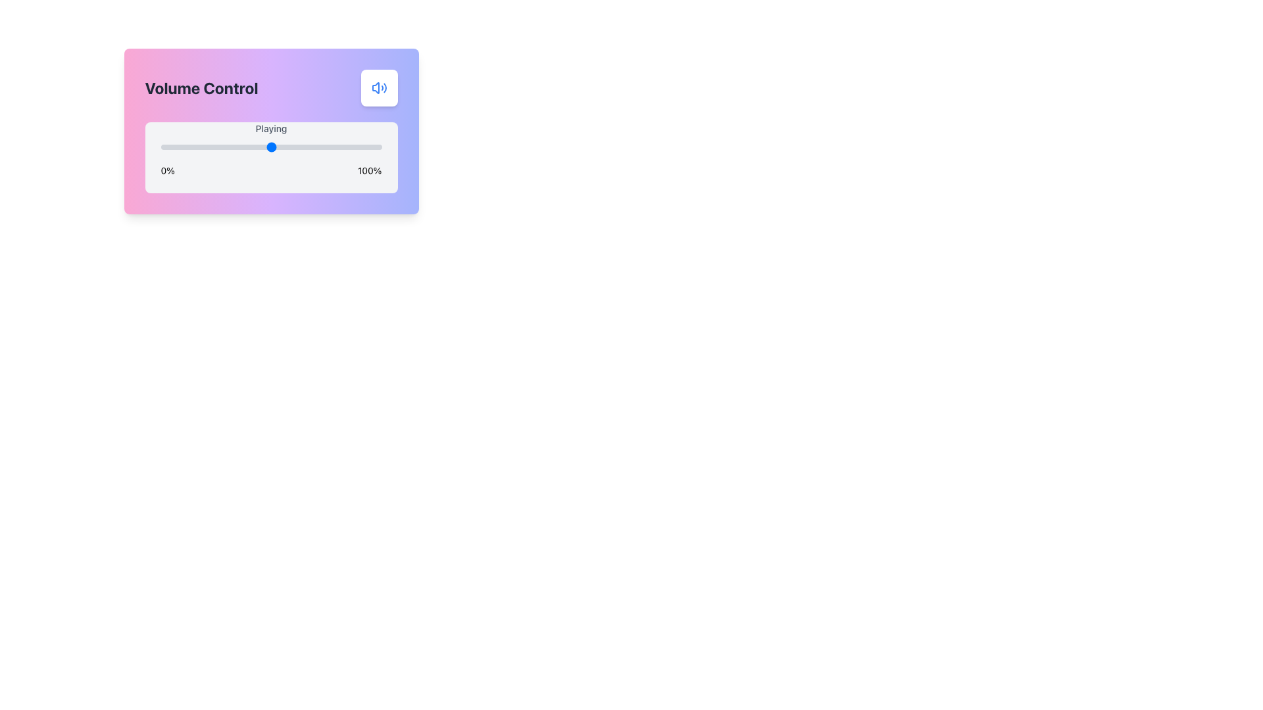 The height and width of the screenshot is (710, 1263). Describe the element at coordinates (312, 147) in the screenshot. I see `the slider` at that location.